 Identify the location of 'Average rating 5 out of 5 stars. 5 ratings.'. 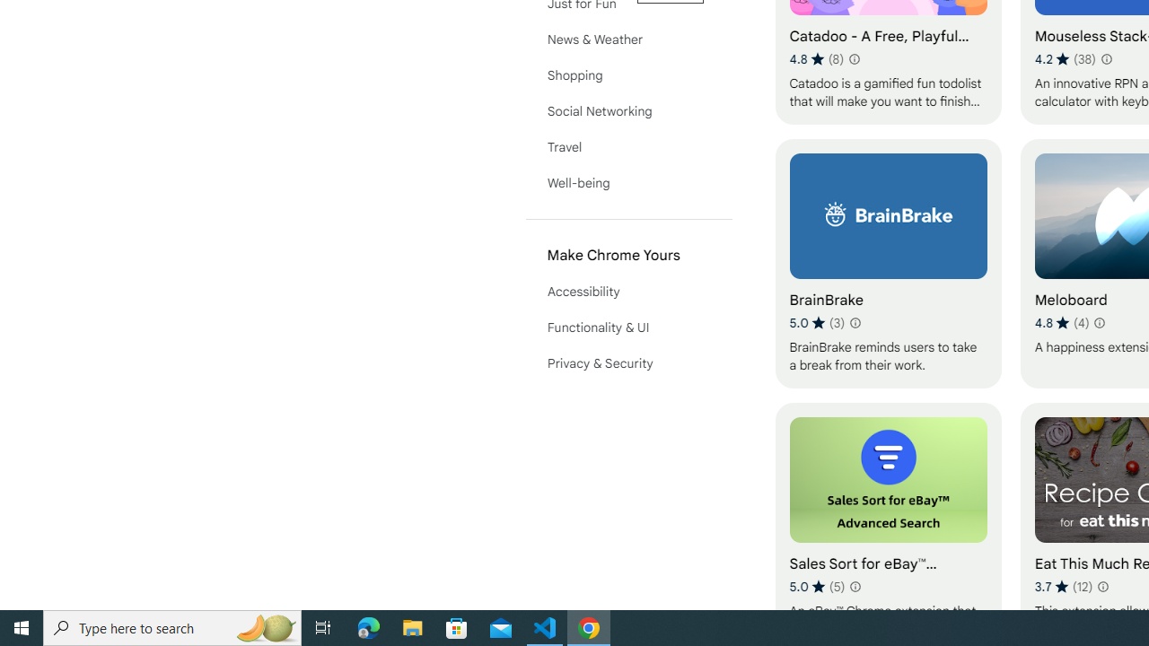
(816, 586).